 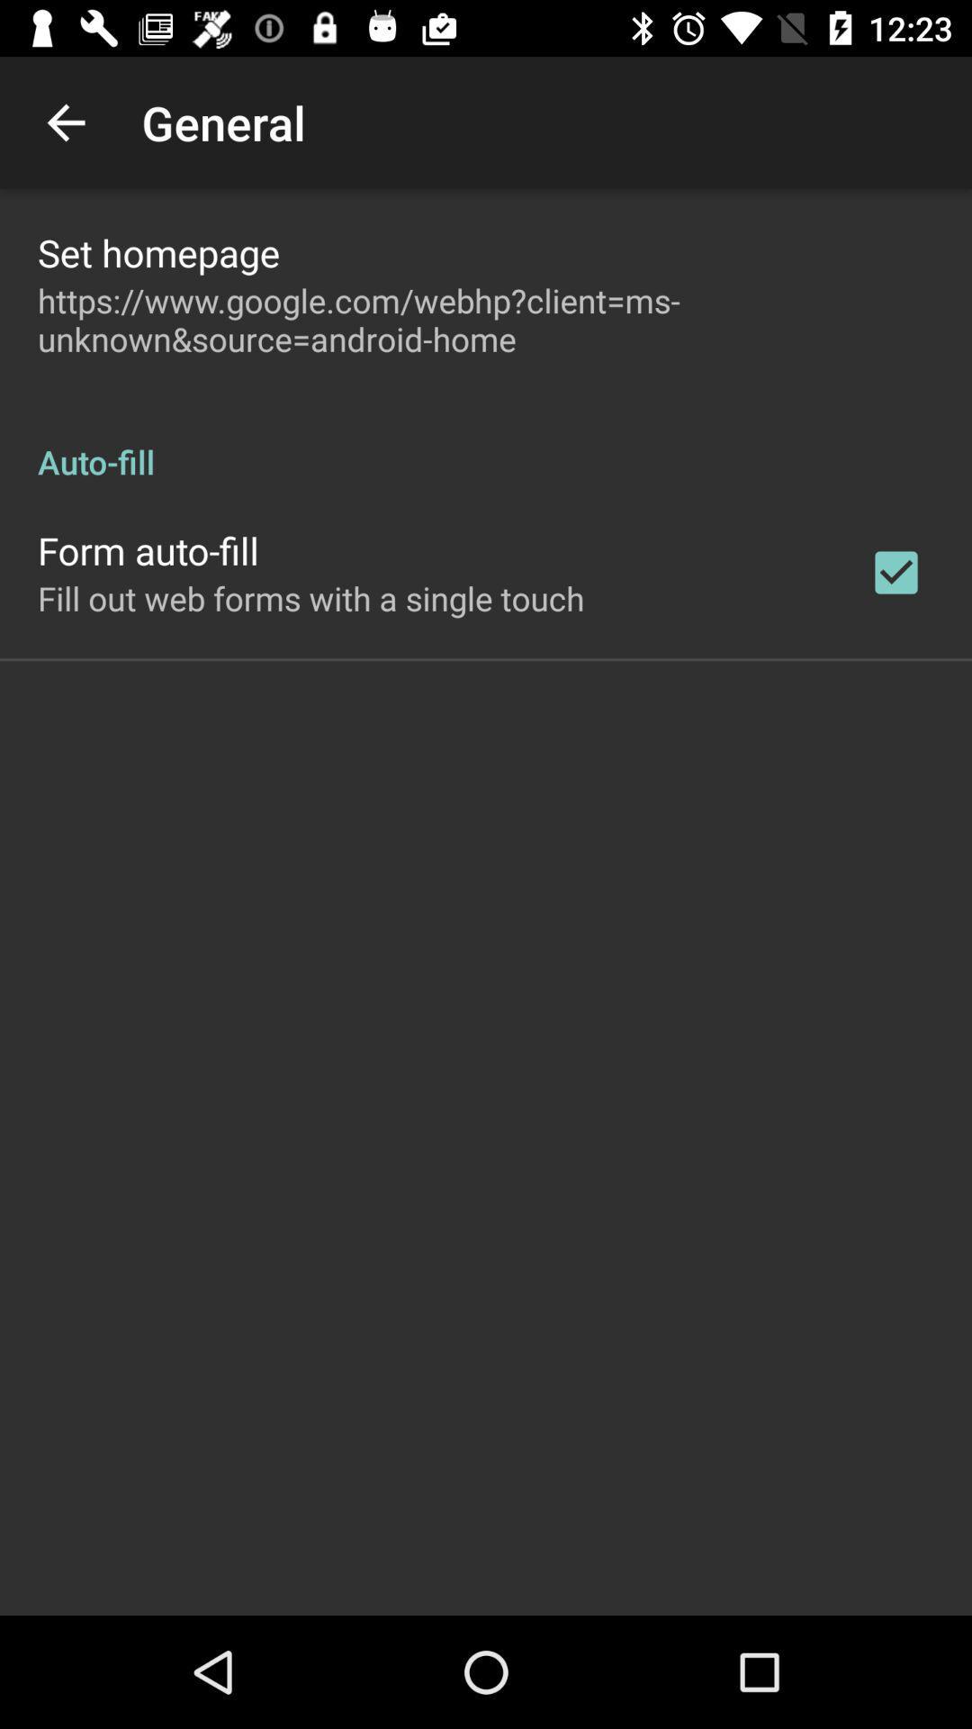 What do you see at coordinates (65, 122) in the screenshot?
I see `app next to the general app` at bounding box center [65, 122].